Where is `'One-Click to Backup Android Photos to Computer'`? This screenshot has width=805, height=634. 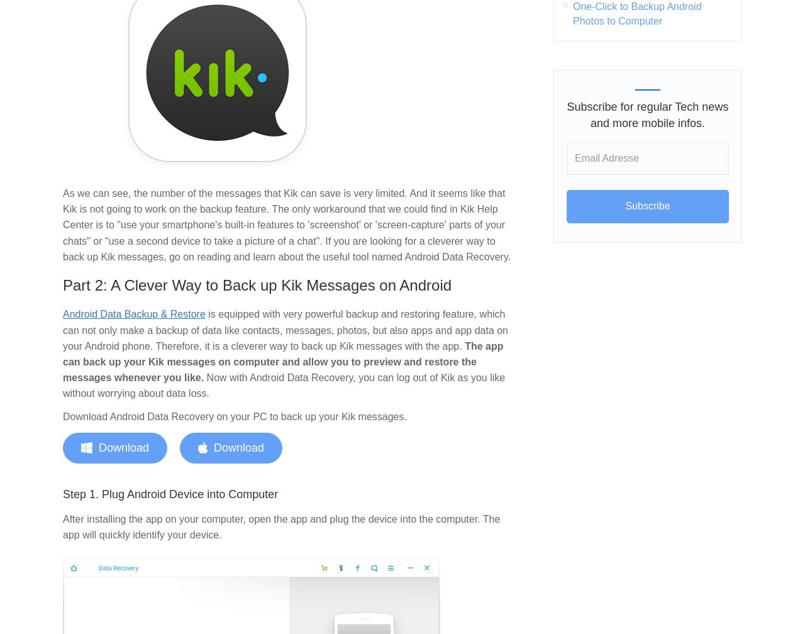 'One-Click to Backup Android Photos to Computer' is located at coordinates (636, 13).